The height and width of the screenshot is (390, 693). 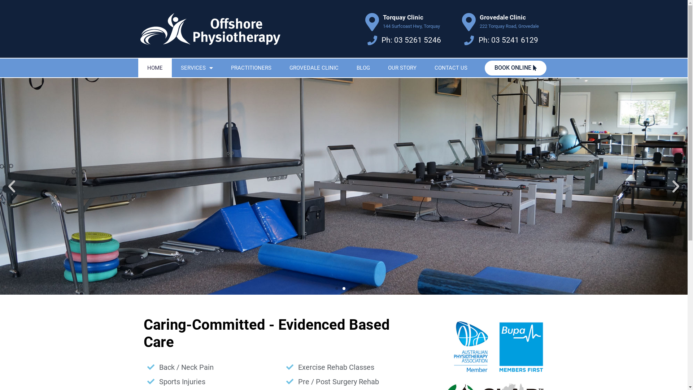 What do you see at coordinates (251, 68) in the screenshot?
I see `'PRACTITIONERS'` at bounding box center [251, 68].